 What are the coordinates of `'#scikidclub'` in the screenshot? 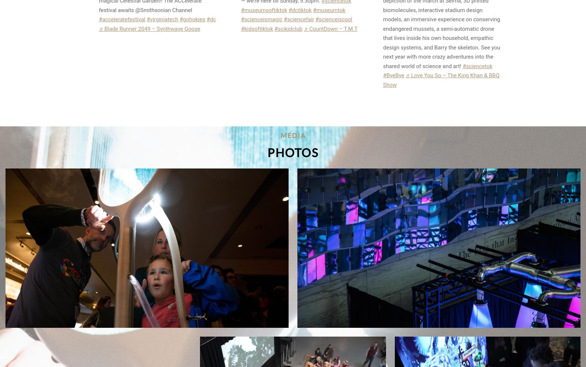 It's located at (288, 28).